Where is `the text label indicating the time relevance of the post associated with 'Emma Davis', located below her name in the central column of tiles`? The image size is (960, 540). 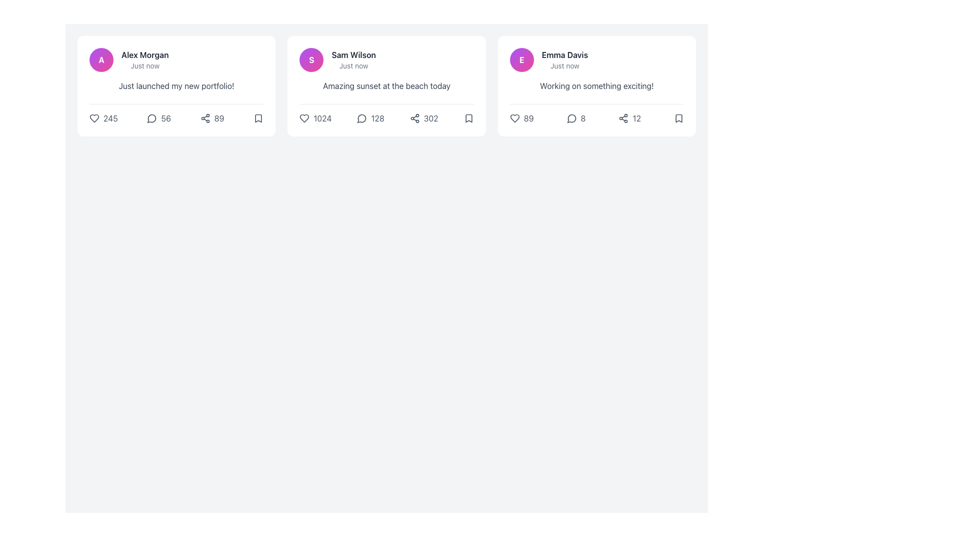
the text label indicating the time relevance of the post associated with 'Emma Davis', located below her name in the central column of tiles is located at coordinates (564, 65).